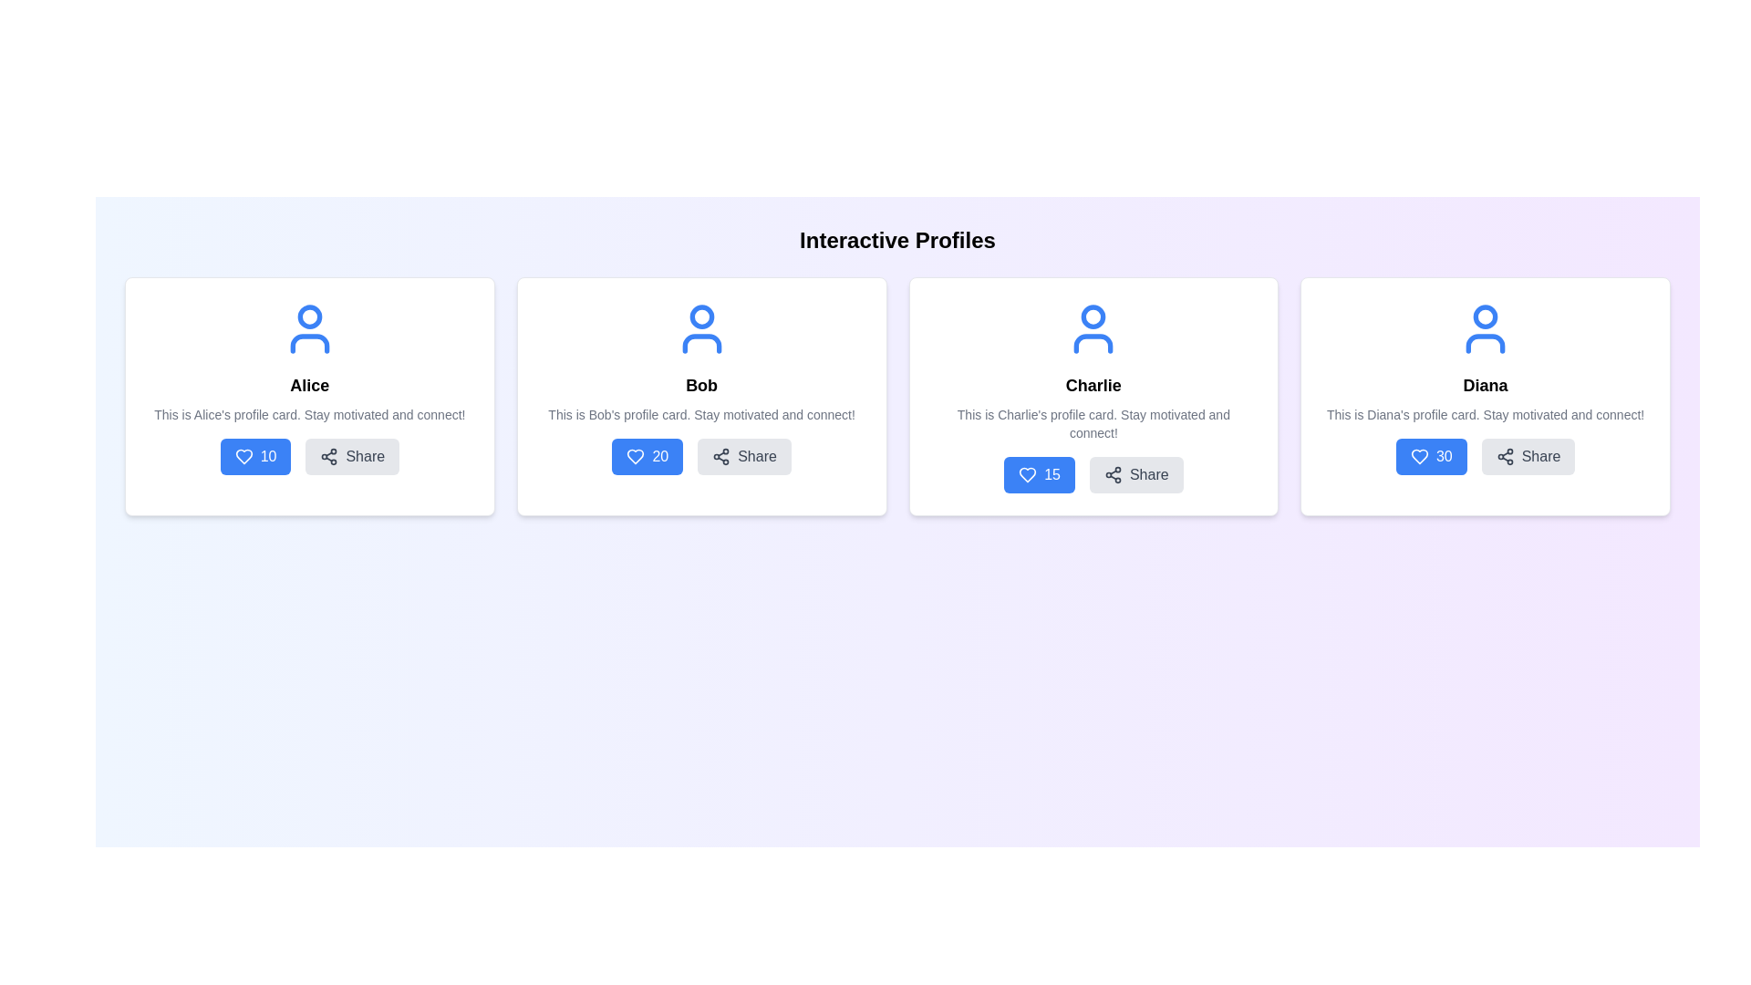 The width and height of the screenshot is (1751, 985). I want to click on the small circular shape representing the face of Bob's graphical user icon within his profile card, so click(700, 316).